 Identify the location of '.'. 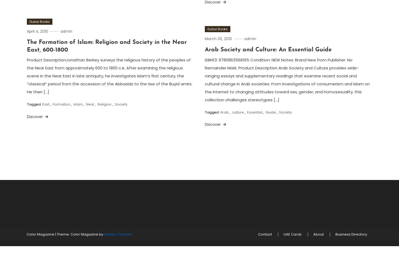
(132, 234).